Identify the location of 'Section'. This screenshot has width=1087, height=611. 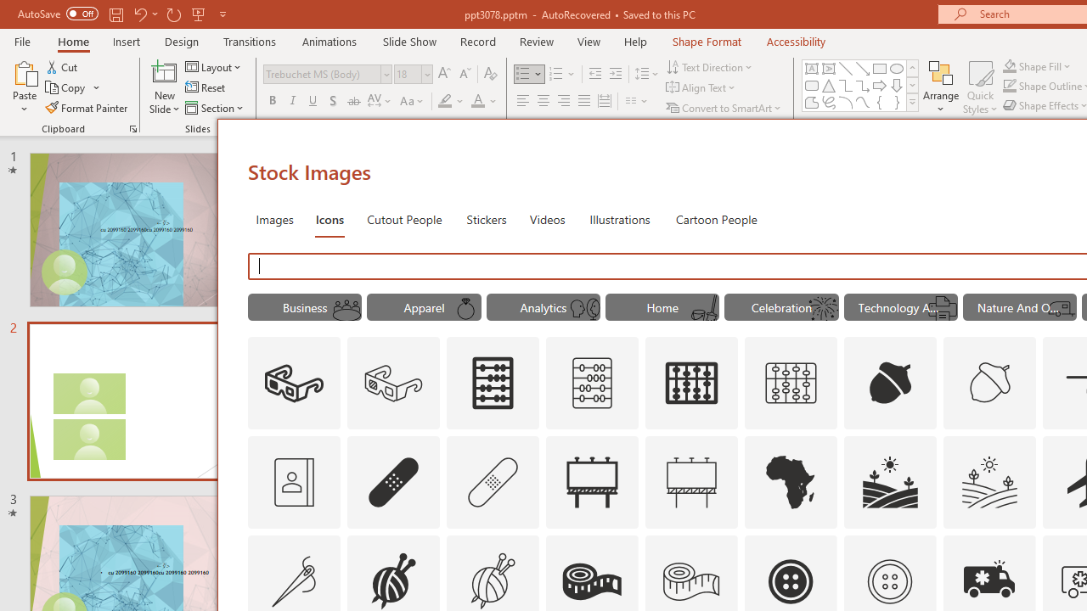
(215, 108).